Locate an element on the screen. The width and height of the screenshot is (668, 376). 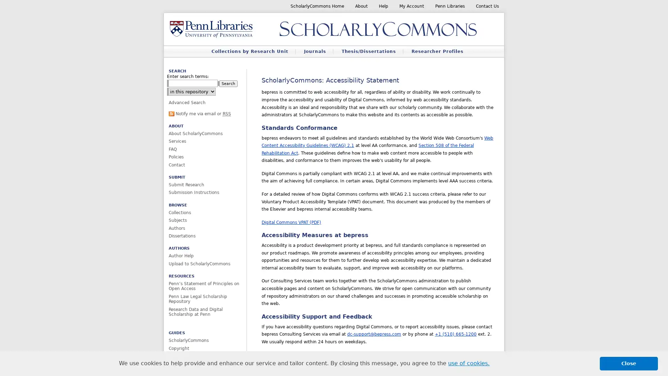
learn more about cookies is located at coordinates (469, 363).